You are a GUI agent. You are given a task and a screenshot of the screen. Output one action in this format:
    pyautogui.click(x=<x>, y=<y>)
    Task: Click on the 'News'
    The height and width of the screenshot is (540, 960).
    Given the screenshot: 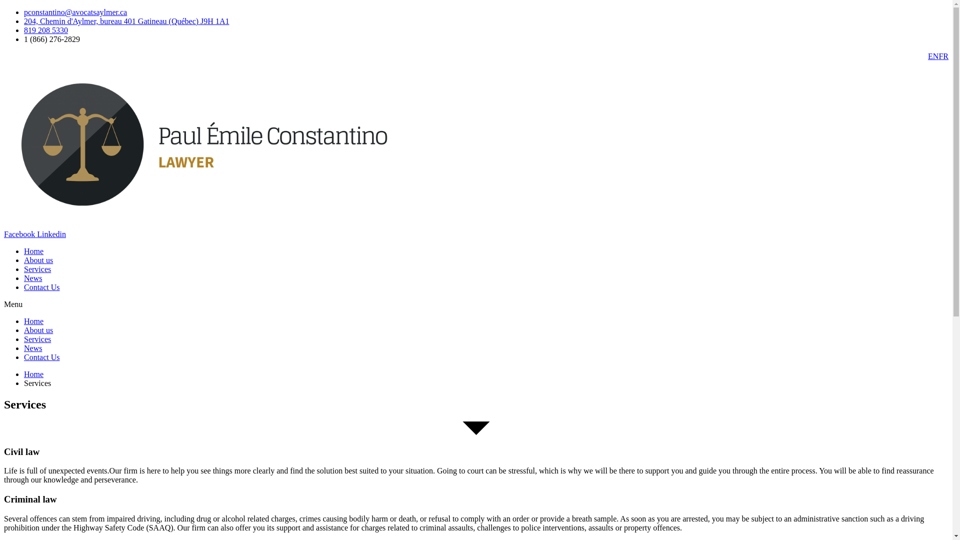 What is the action you would take?
    pyautogui.click(x=33, y=347)
    